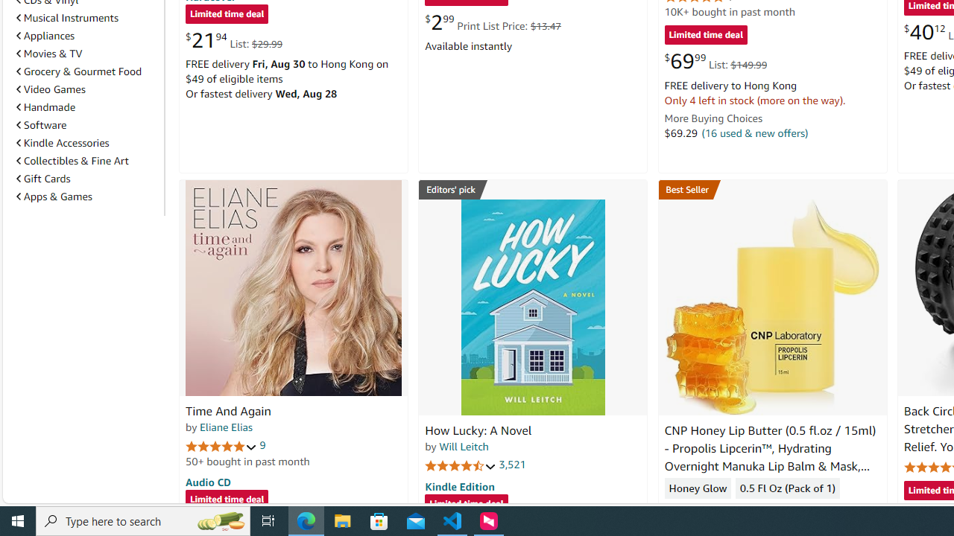 The image size is (954, 536). What do you see at coordinates (51, 89) in the screenshot?
I see `'Video Games'` at bounding box center [51, 89].